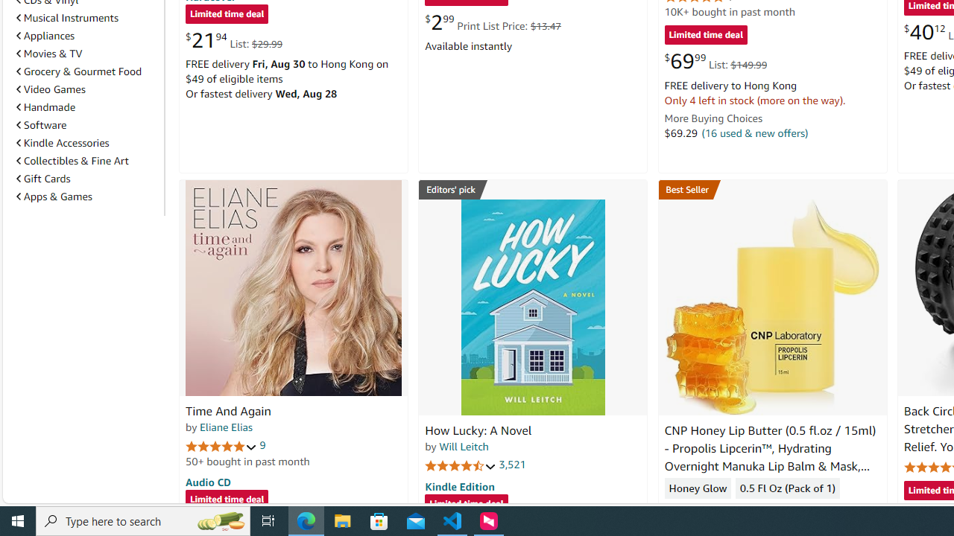 The image size is (954, 536). What do you see at coordinates (51, 89) in the screenshot?
I see `'Video Games'` at bounding box center [51, 89].